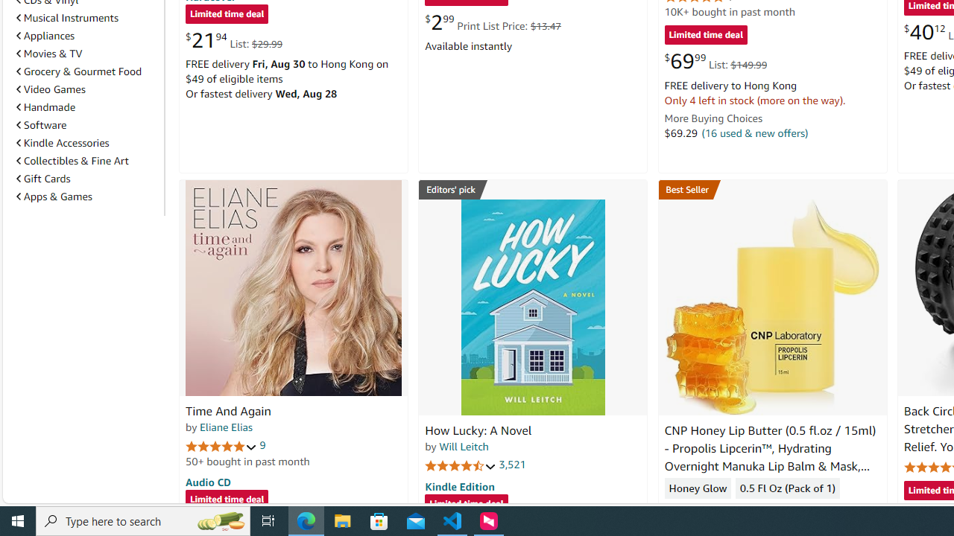 The image size is (954, 536). What do you see at coordinates (51, 89) in the screenshot?
I see `'Video Games'` at bounding box center [51, 89].